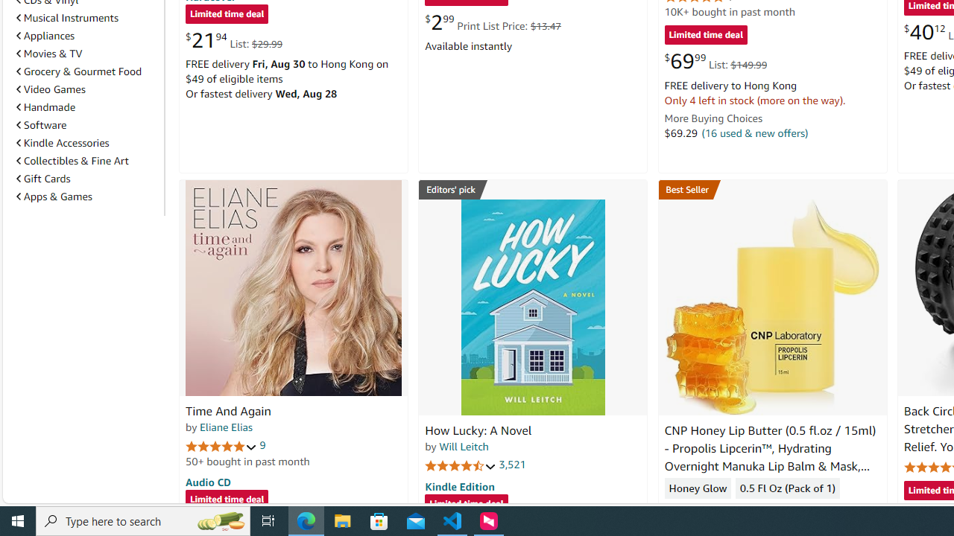 The image size is (954, 536). What do you see at coordinates (51, 89) in the screenshot?
I see `'Video Games'` at bounding box center [51, 89].